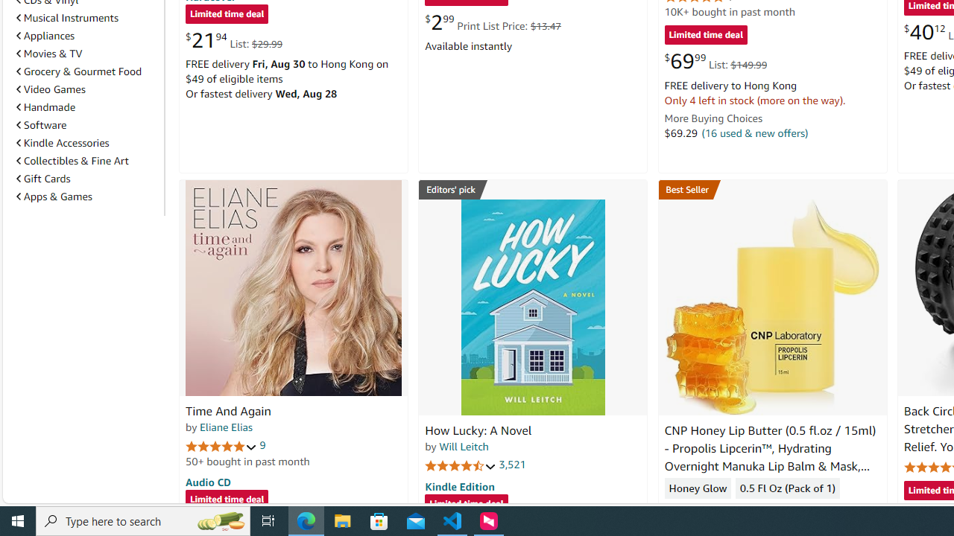 The image size is (954, 536). What do you see at coordinates (51, 89) in the screenshot?
I see `'Video Games'` at bounding box center [51, 89].